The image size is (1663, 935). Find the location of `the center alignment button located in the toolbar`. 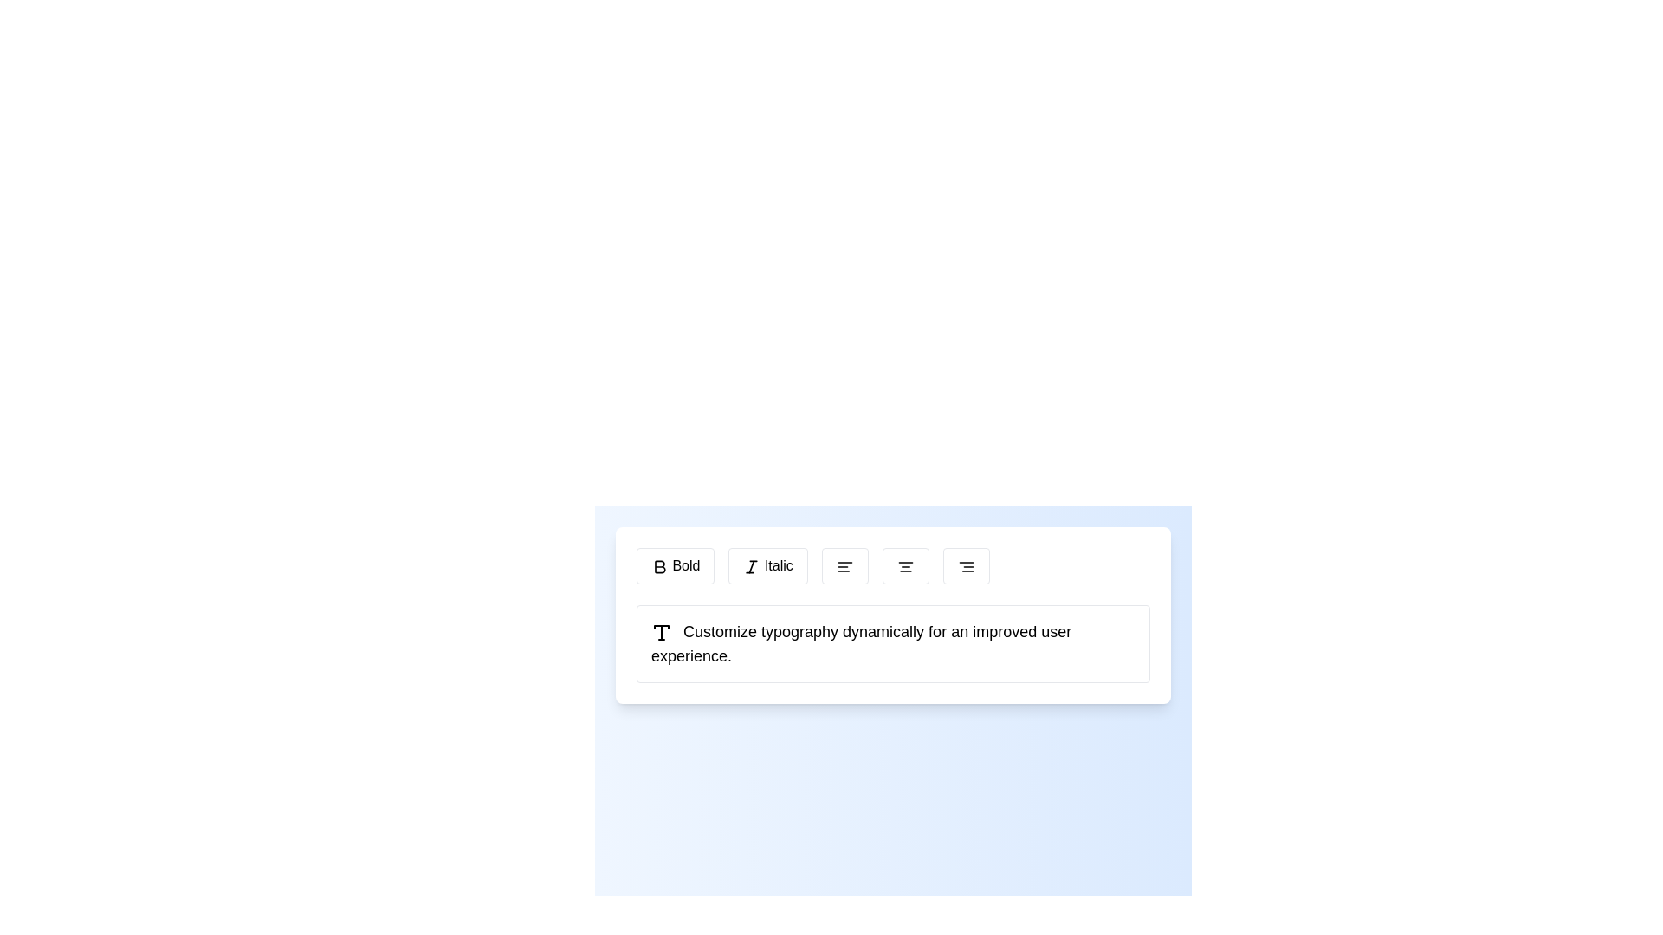

the center alignment button located in the toolbar is located at coordinates (904, 566).